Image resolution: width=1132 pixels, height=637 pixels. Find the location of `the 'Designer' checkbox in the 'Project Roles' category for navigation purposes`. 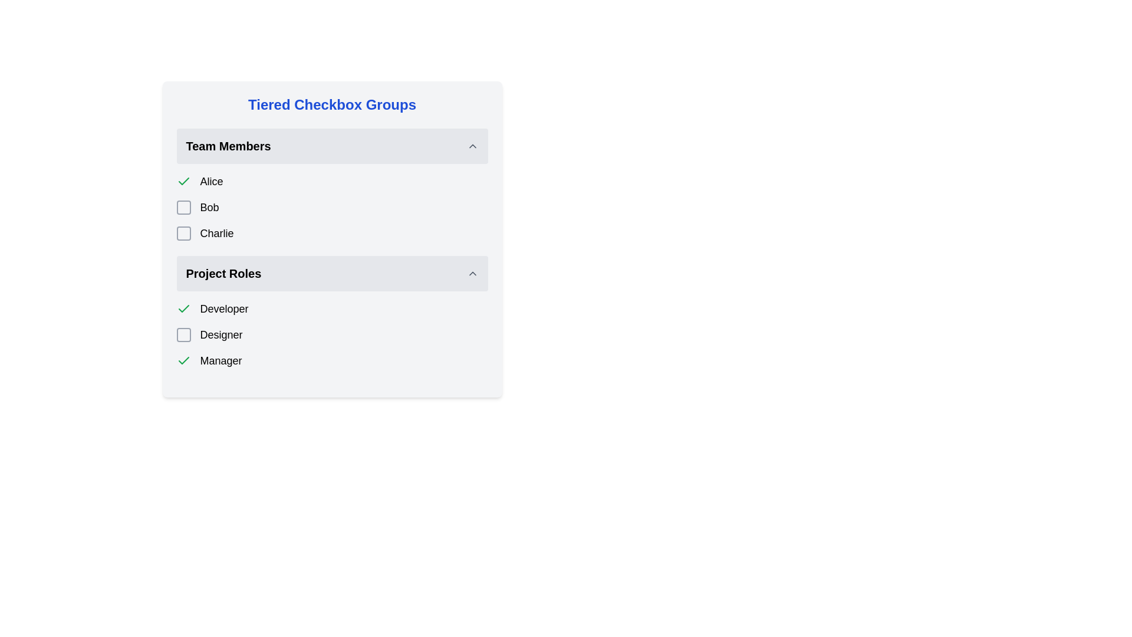

the 'Designer' checkbox in the 'Project Roles' category for navigation purposes is located at coordinates (331, 334).